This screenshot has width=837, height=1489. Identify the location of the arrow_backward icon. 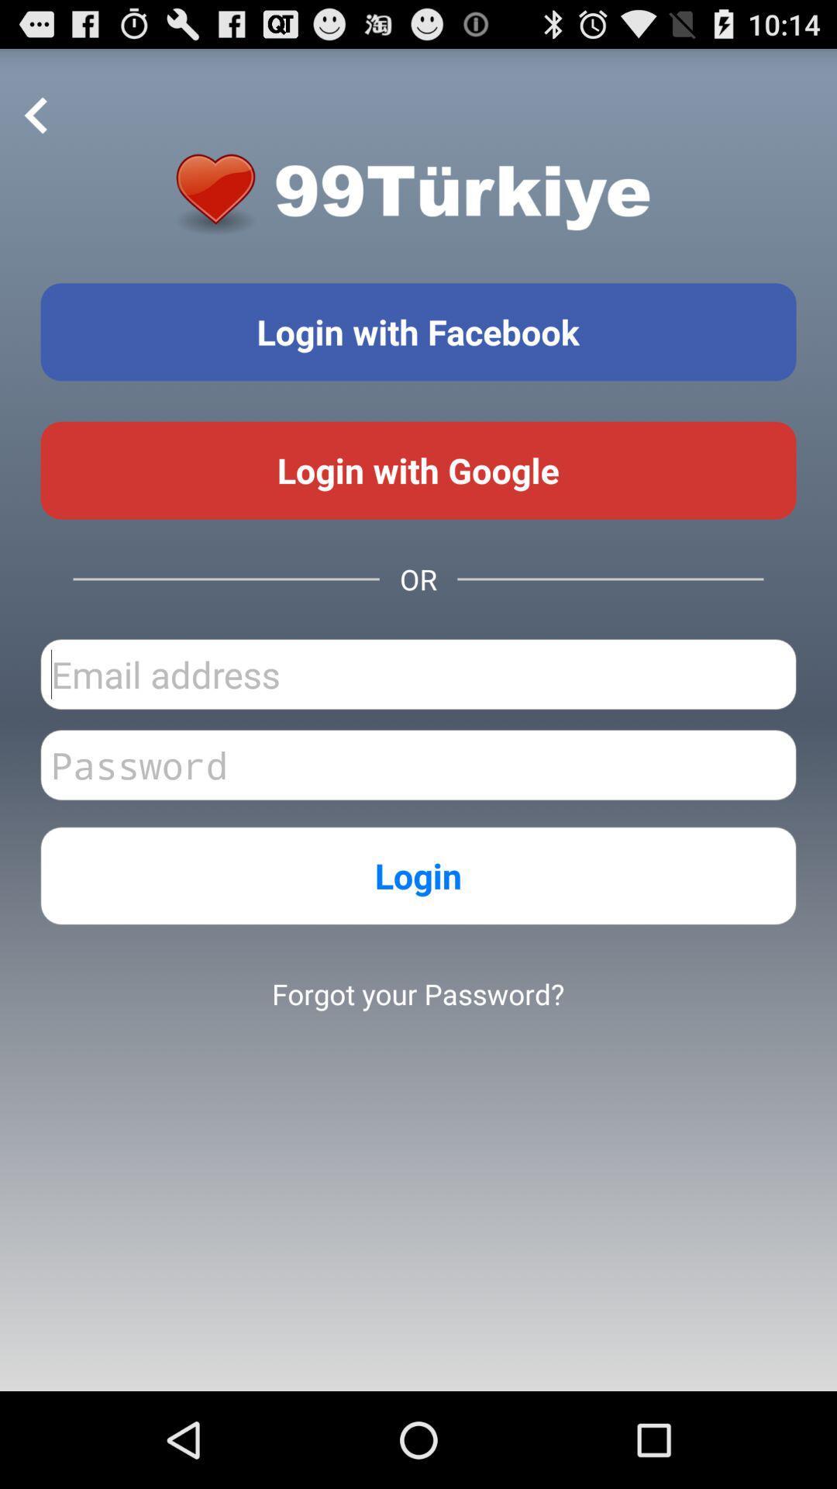
(36, 124).